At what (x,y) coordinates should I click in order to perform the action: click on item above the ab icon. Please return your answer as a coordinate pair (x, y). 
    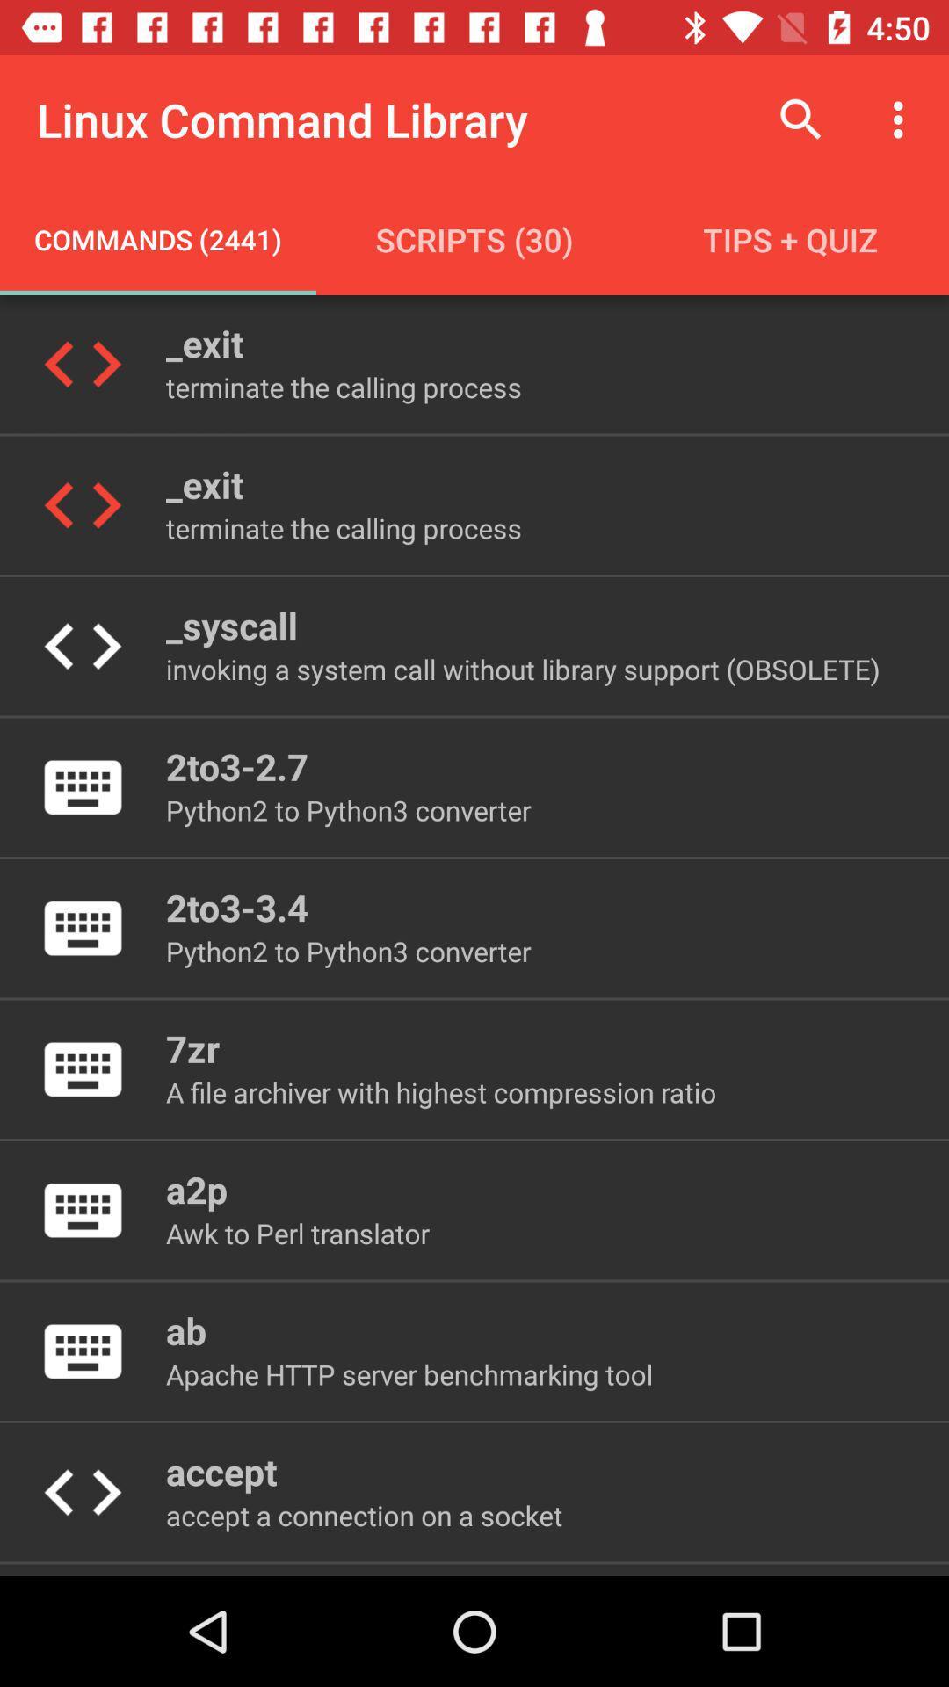
    Looking at the image, I should click on (297, 1232).